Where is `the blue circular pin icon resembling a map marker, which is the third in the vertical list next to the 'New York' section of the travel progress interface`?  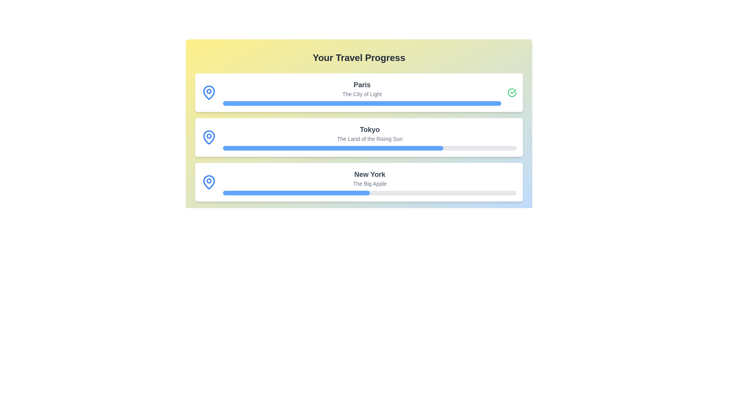 the blue circular pin icon resembling a map marker, which is the third in the vertical list next to the 'New York' section of the travel progress interface is located at coordinates (209, 181).